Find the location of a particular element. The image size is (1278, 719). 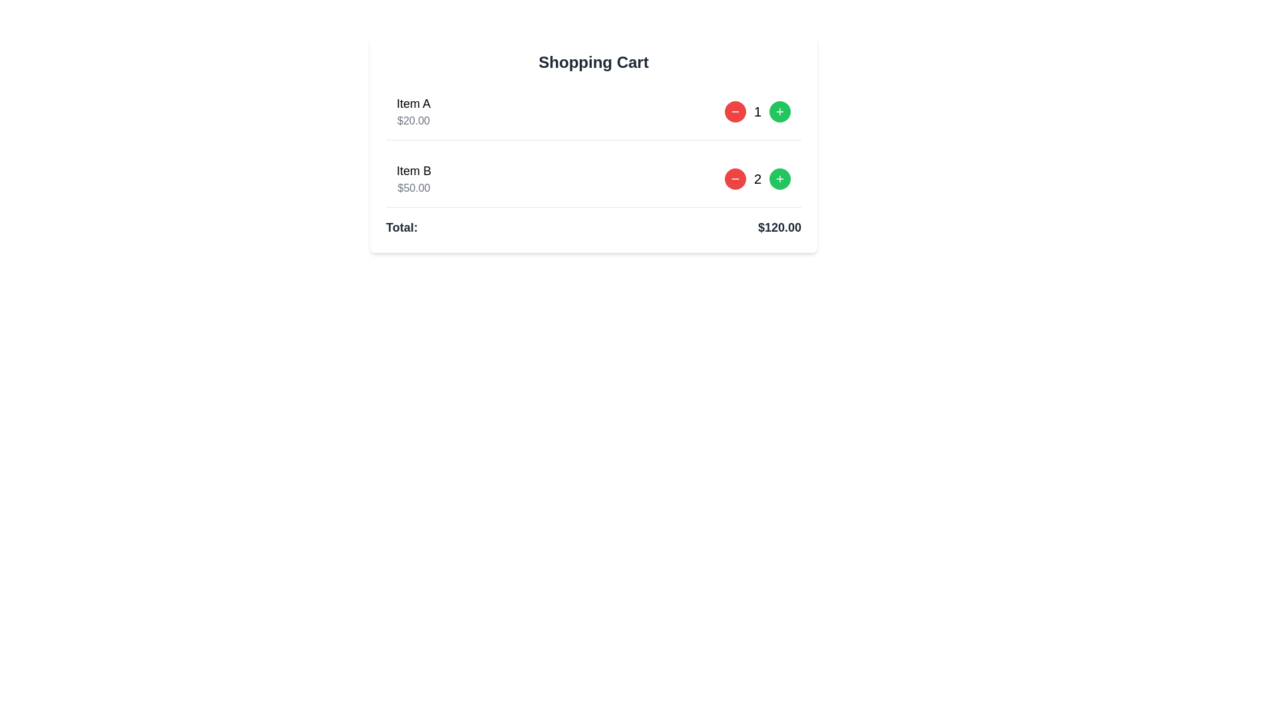

the text display element that shows the quantity of the item in the shopping cart, located between a minus button on the left and a plus button on the right is located at coordinates (757, 111).